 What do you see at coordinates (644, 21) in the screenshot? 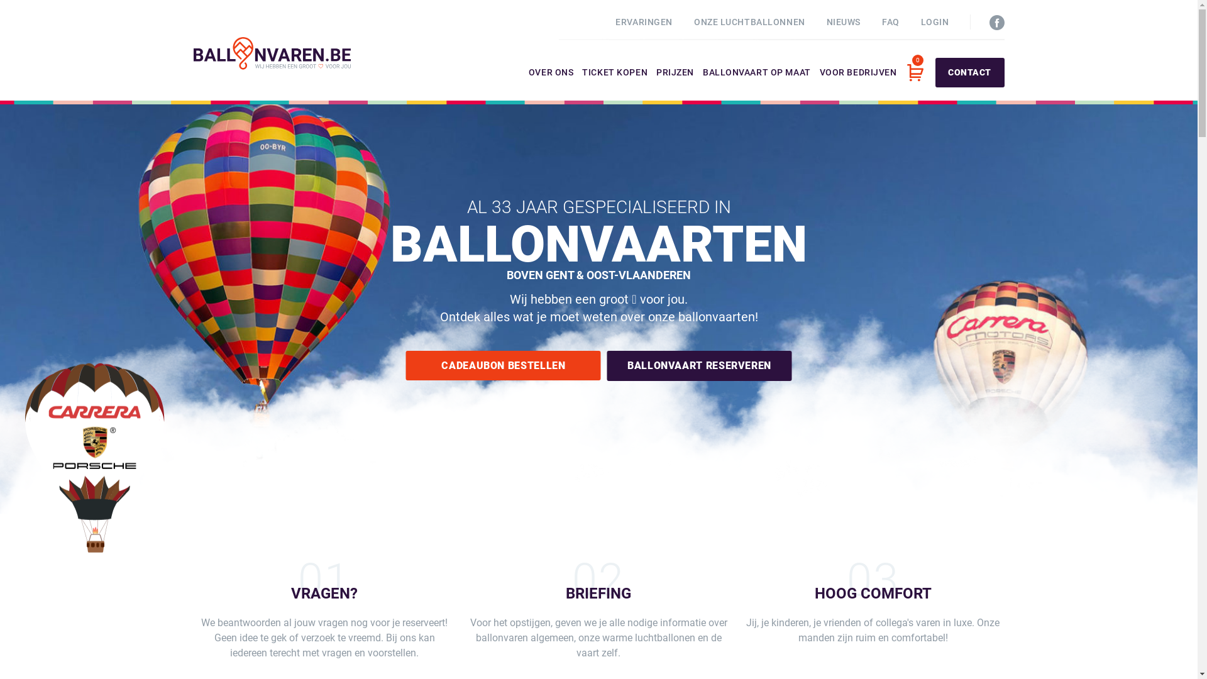
I see `'ERVARINGEN'` at bounding box center [644, 21].